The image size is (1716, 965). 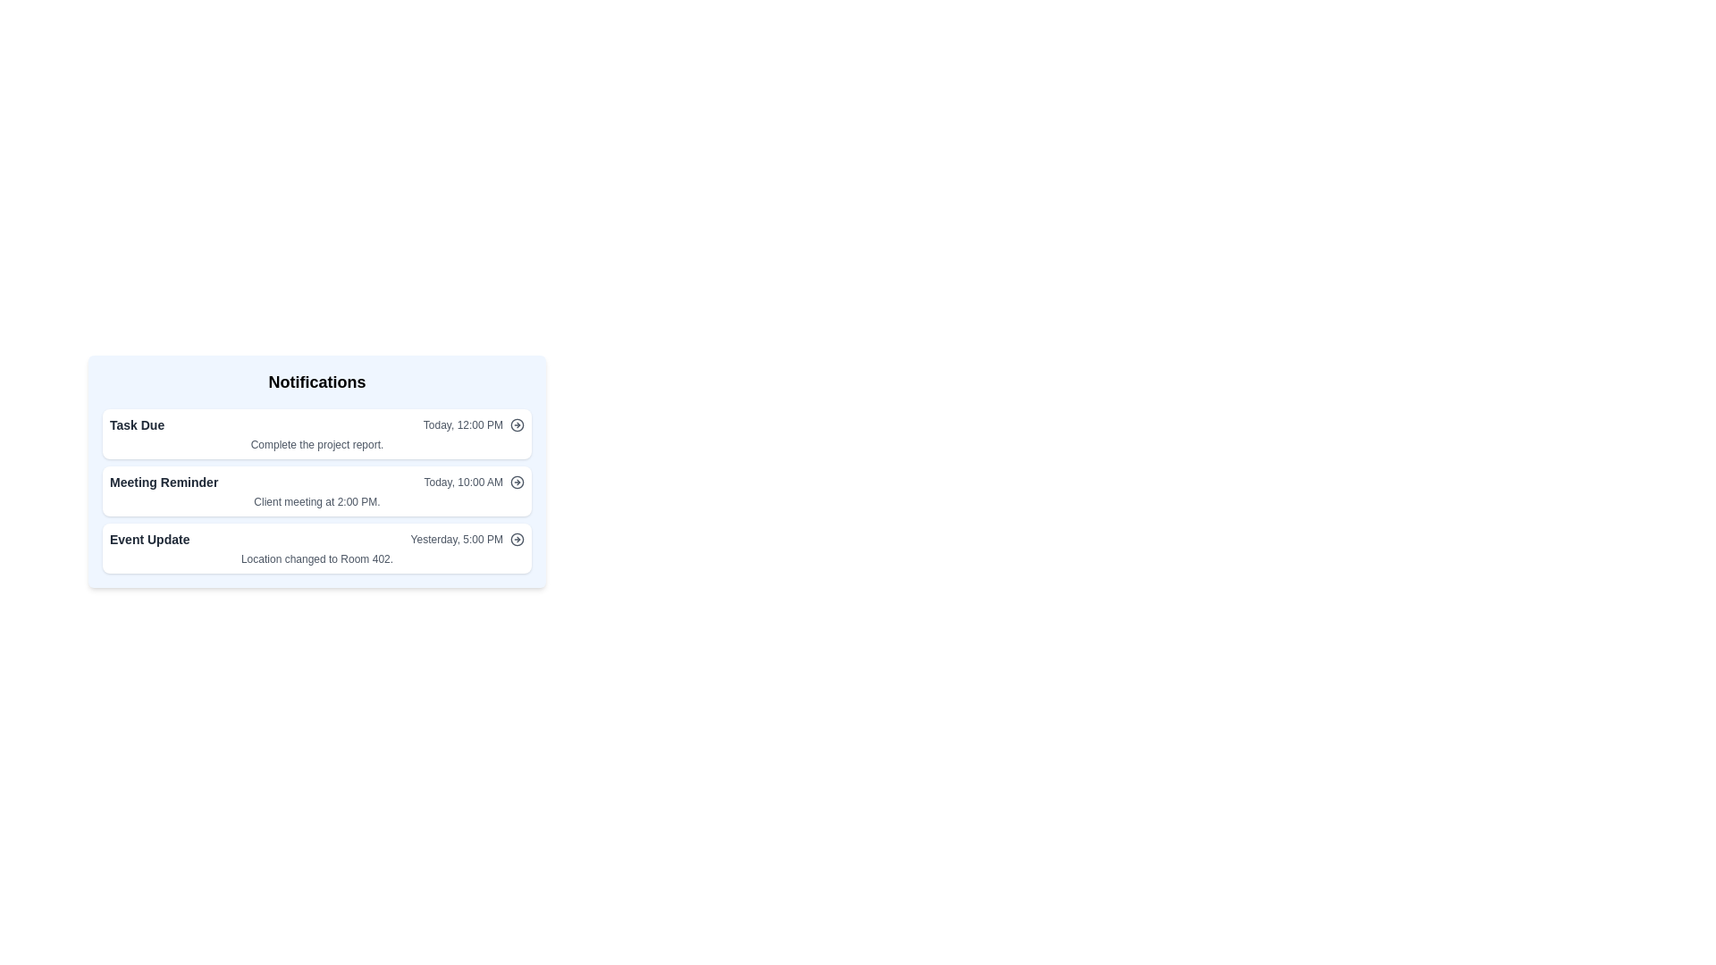 I want to click on the 'Meeting Reminder' horizontal layout element that contains 'Meeting Reminder' on the left and 'Today, 10:00 AM' on the right, positioned between 'Task Due' and 'Client meeting at 2:00 PM', so click(x=317, y=482).